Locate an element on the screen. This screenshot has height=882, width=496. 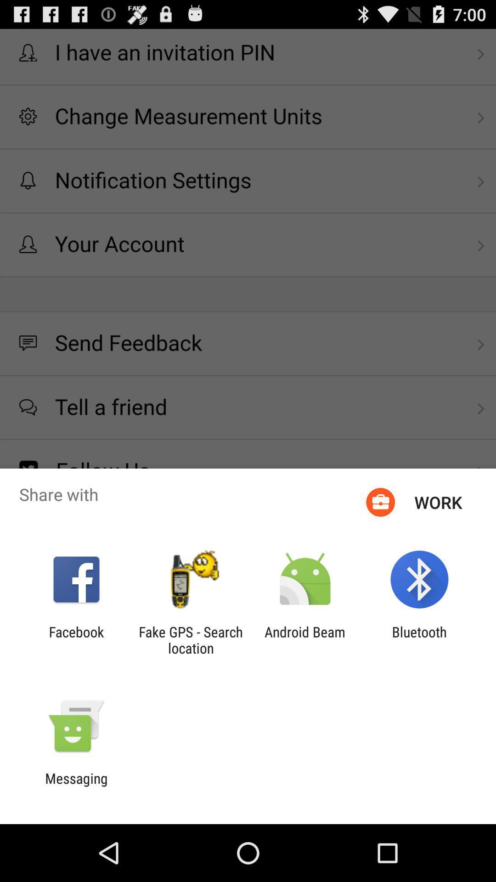
the icon at the bottom right corner is located at coordinates (419, 639).